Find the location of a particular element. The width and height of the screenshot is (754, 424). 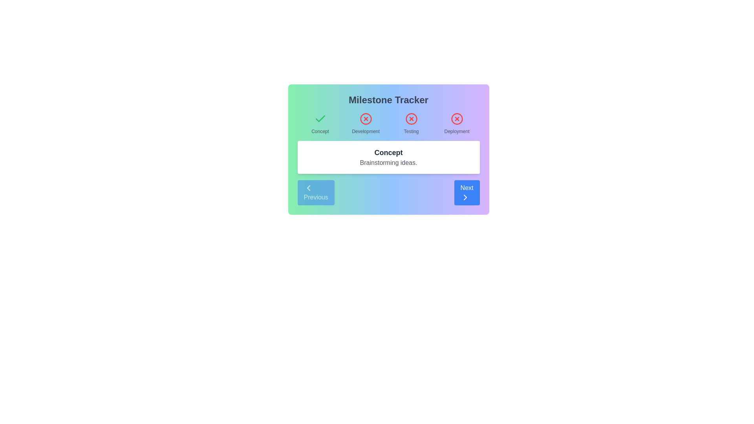

the 'Development' stage label in the milestone tracker, which is located beneath the corresponding icon and is the second stage from the left is located at coordinates (365, 131).